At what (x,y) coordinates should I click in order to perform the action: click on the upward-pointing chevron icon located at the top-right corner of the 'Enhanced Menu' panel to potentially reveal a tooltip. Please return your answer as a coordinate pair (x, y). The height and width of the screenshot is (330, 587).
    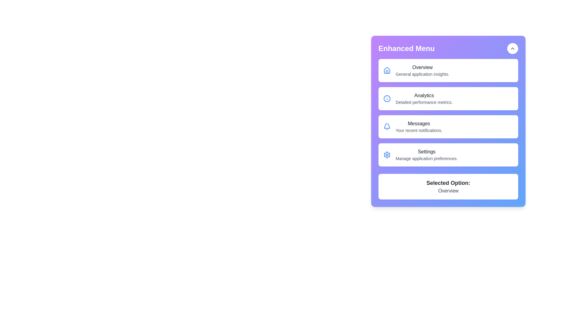
    Looking at the image, I should click on (512, 48).